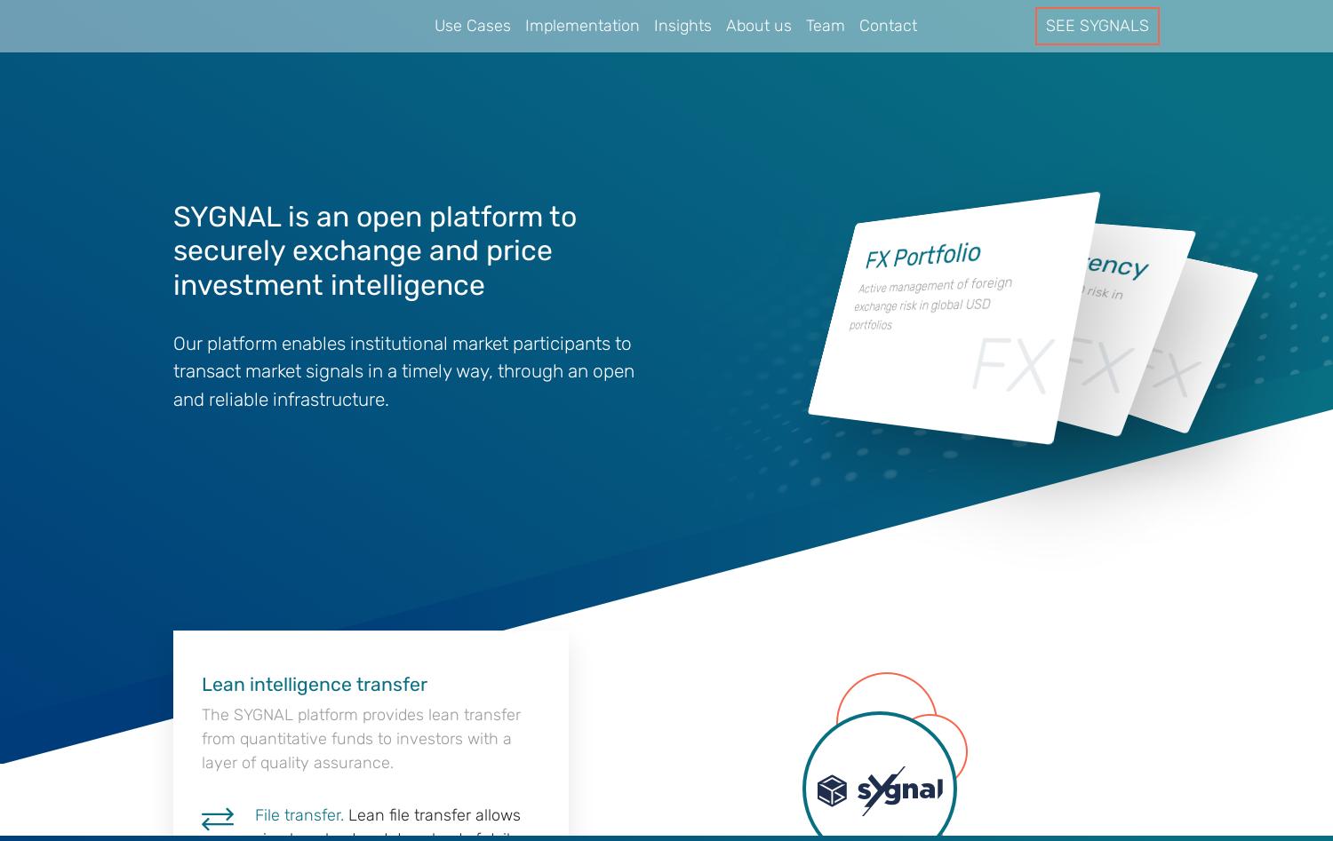 The height and width of the screenshot is (841, 1333). I want to click on 'Active management of GBP exposure for USD investors', so click(1073, 317).